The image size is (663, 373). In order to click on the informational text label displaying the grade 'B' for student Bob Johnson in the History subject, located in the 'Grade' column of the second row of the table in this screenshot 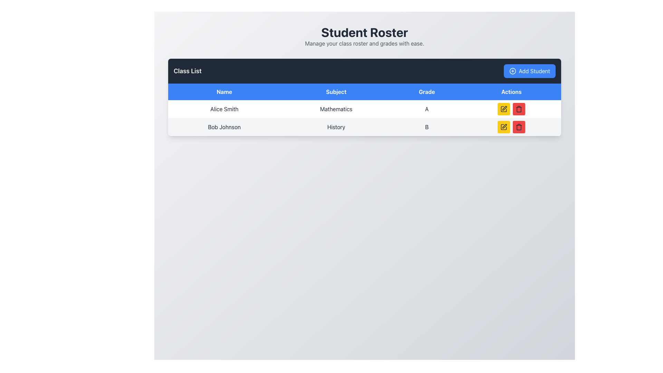, I will do `click(426, 127)`.